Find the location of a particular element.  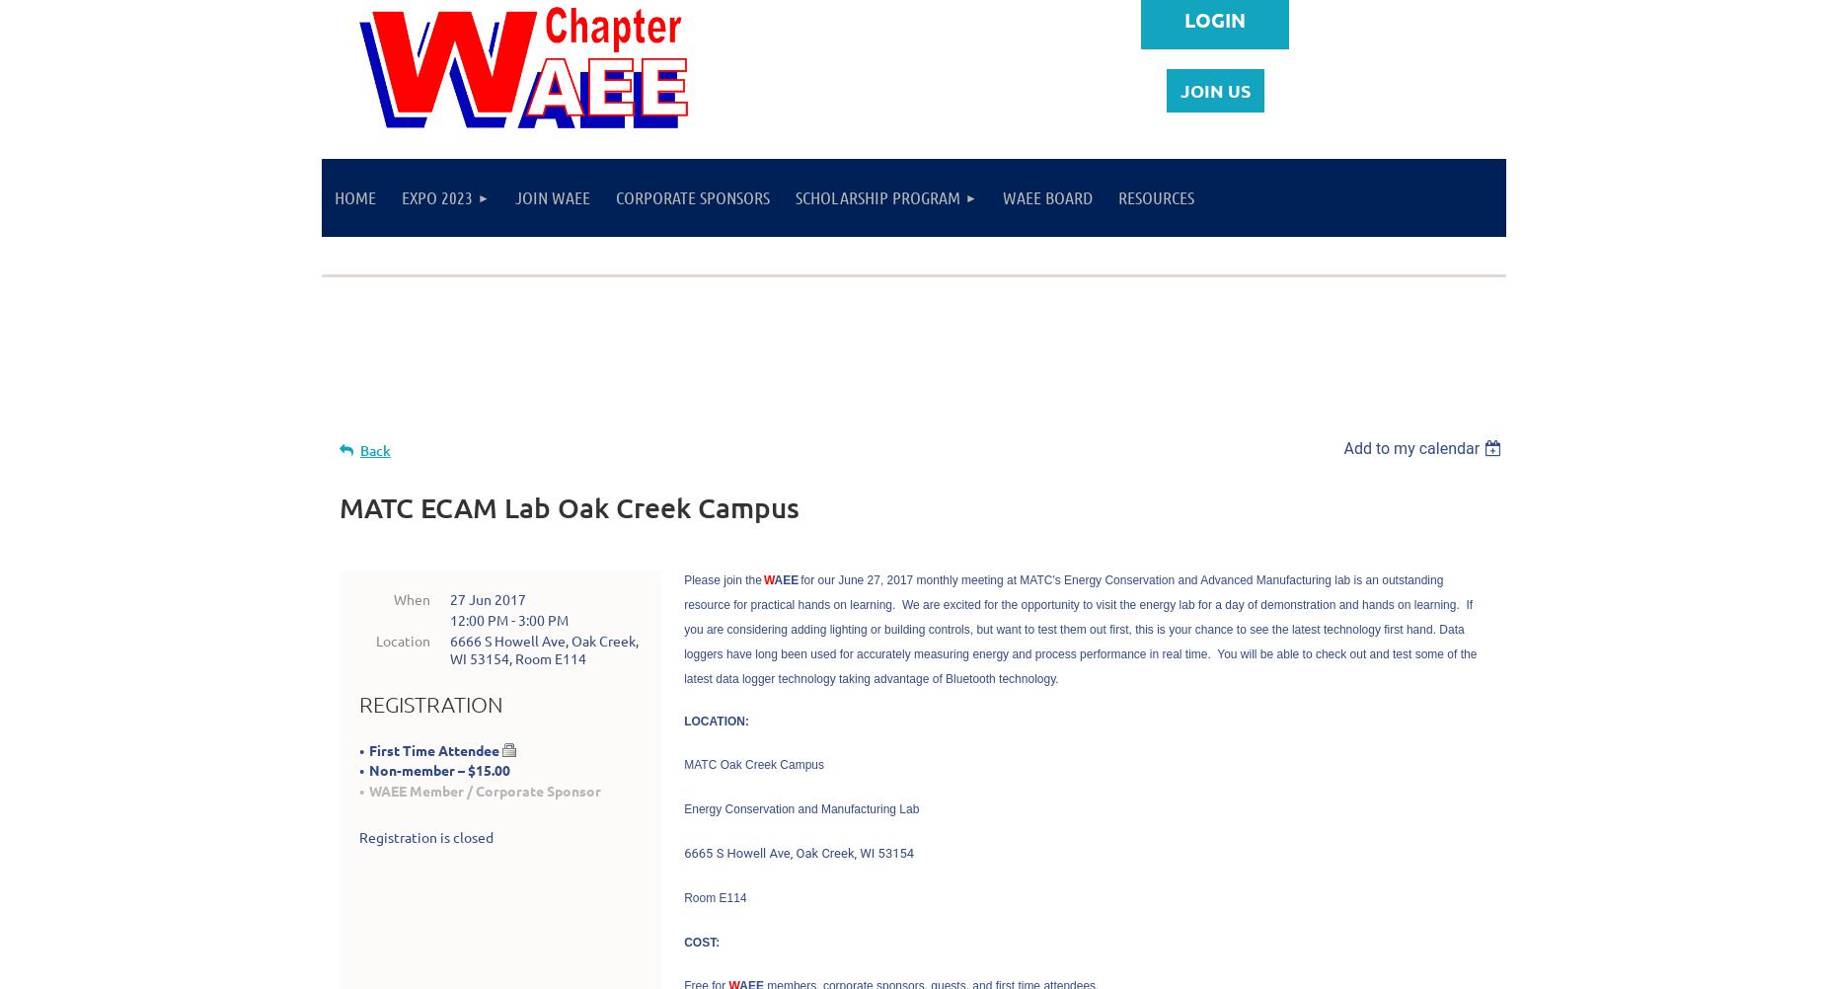

'Location' is located at coordinates (403, 638).